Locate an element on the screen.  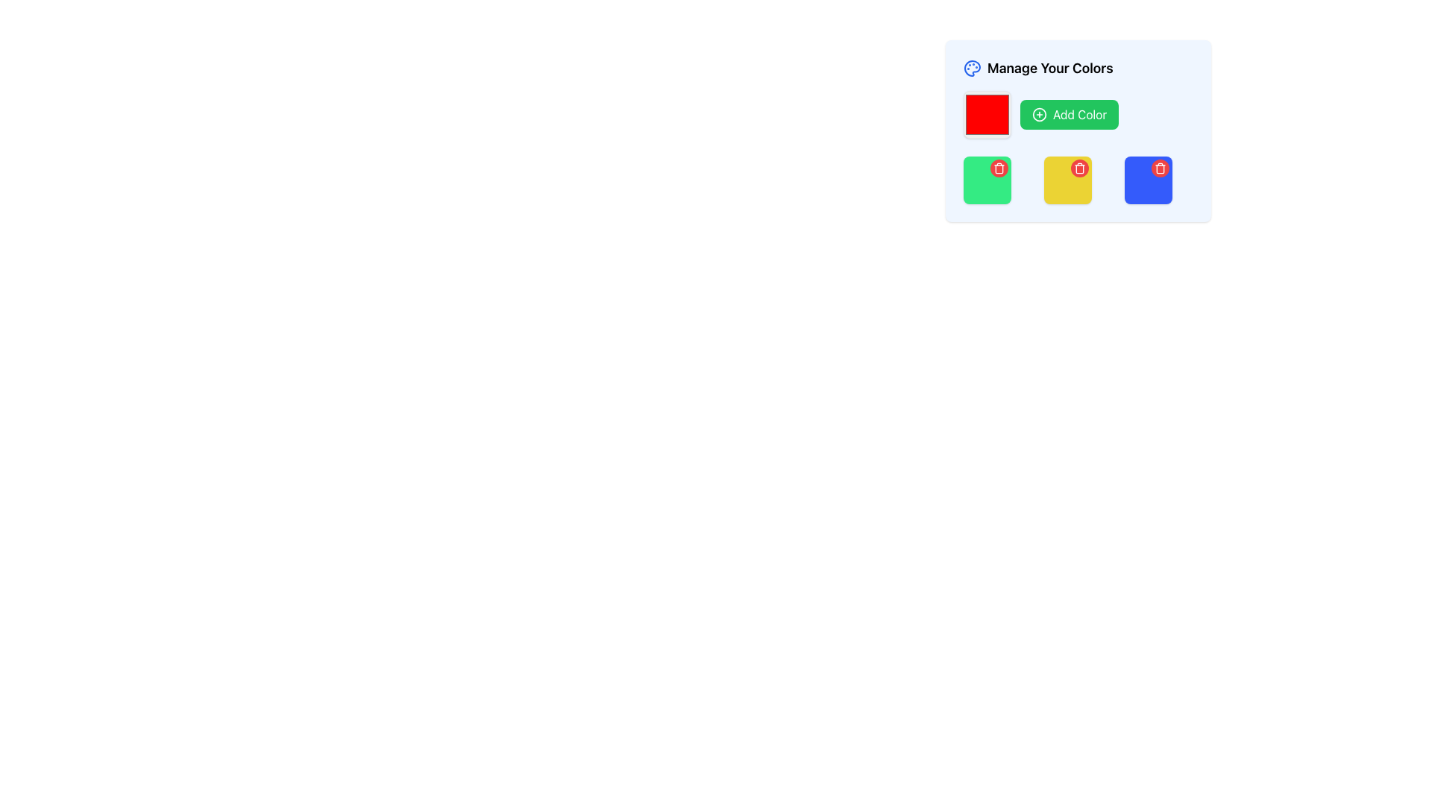
the 'Add Color' button with a green background and white text is located at coordinates (1069, 114).